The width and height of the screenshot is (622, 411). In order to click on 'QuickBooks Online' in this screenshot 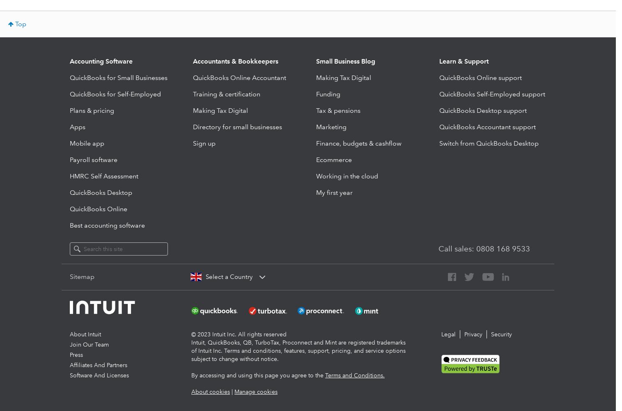, I will do `click(98, 209)`.